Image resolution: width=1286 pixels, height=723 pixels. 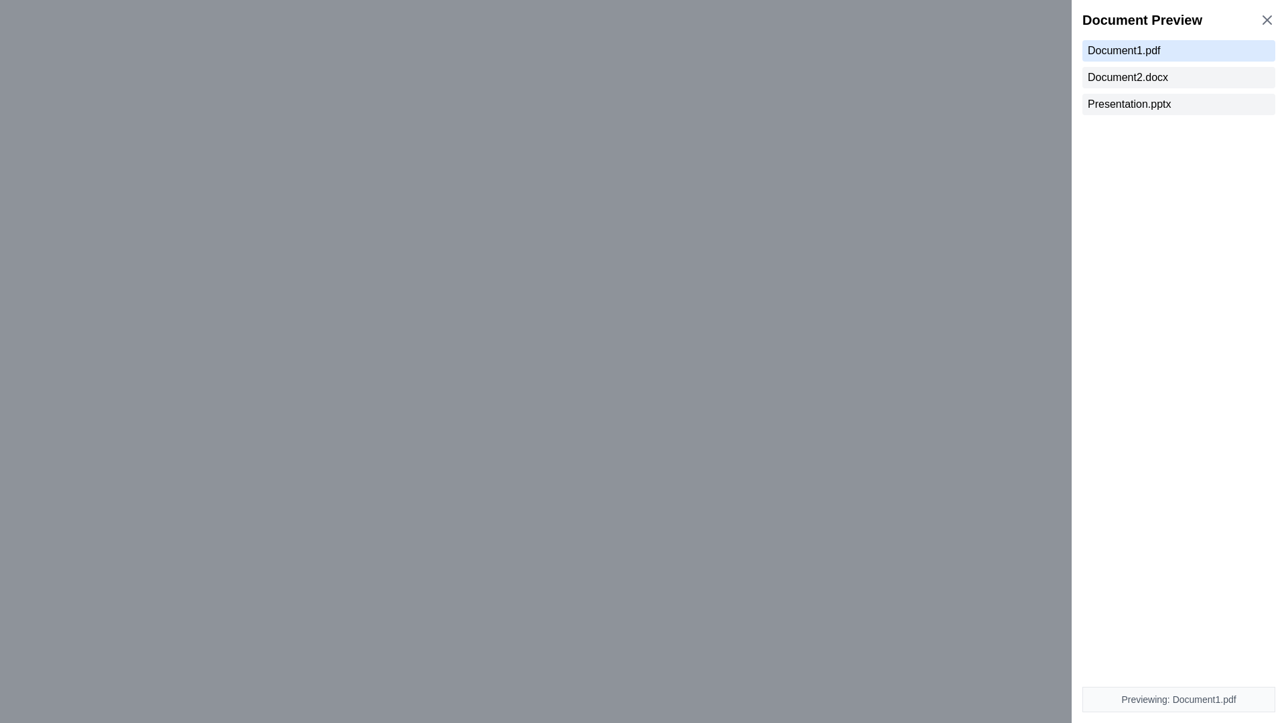 What do you see at coordinates (1266, 20) in the screenshot?
I see `the close icon represented by a thin 'X' shape located at the top right corner of the interface, above the 'Document Preview' heading` at bounding box center [1266, 20].